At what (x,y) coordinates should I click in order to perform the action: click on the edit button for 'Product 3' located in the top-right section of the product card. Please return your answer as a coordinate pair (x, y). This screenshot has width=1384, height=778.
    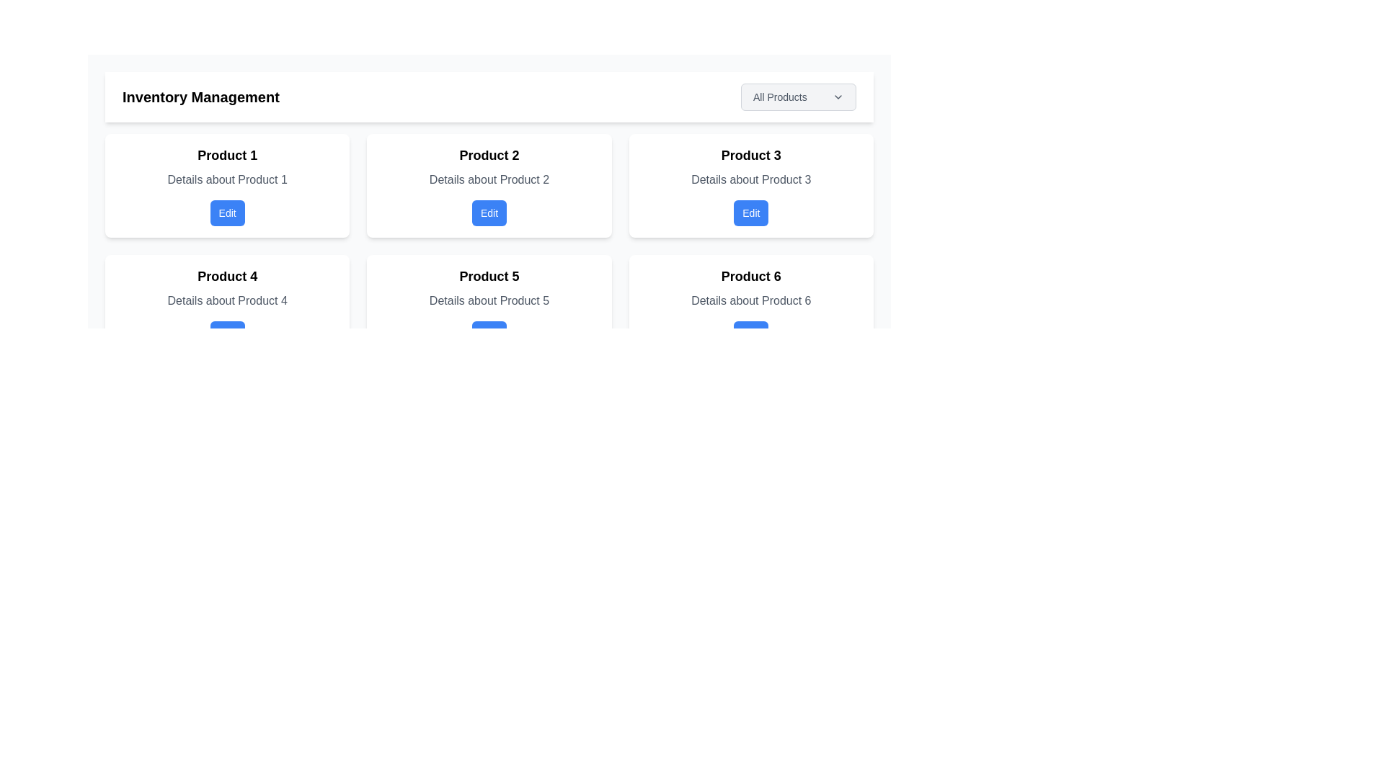
    Looking at the image, I should click on (750, 213).